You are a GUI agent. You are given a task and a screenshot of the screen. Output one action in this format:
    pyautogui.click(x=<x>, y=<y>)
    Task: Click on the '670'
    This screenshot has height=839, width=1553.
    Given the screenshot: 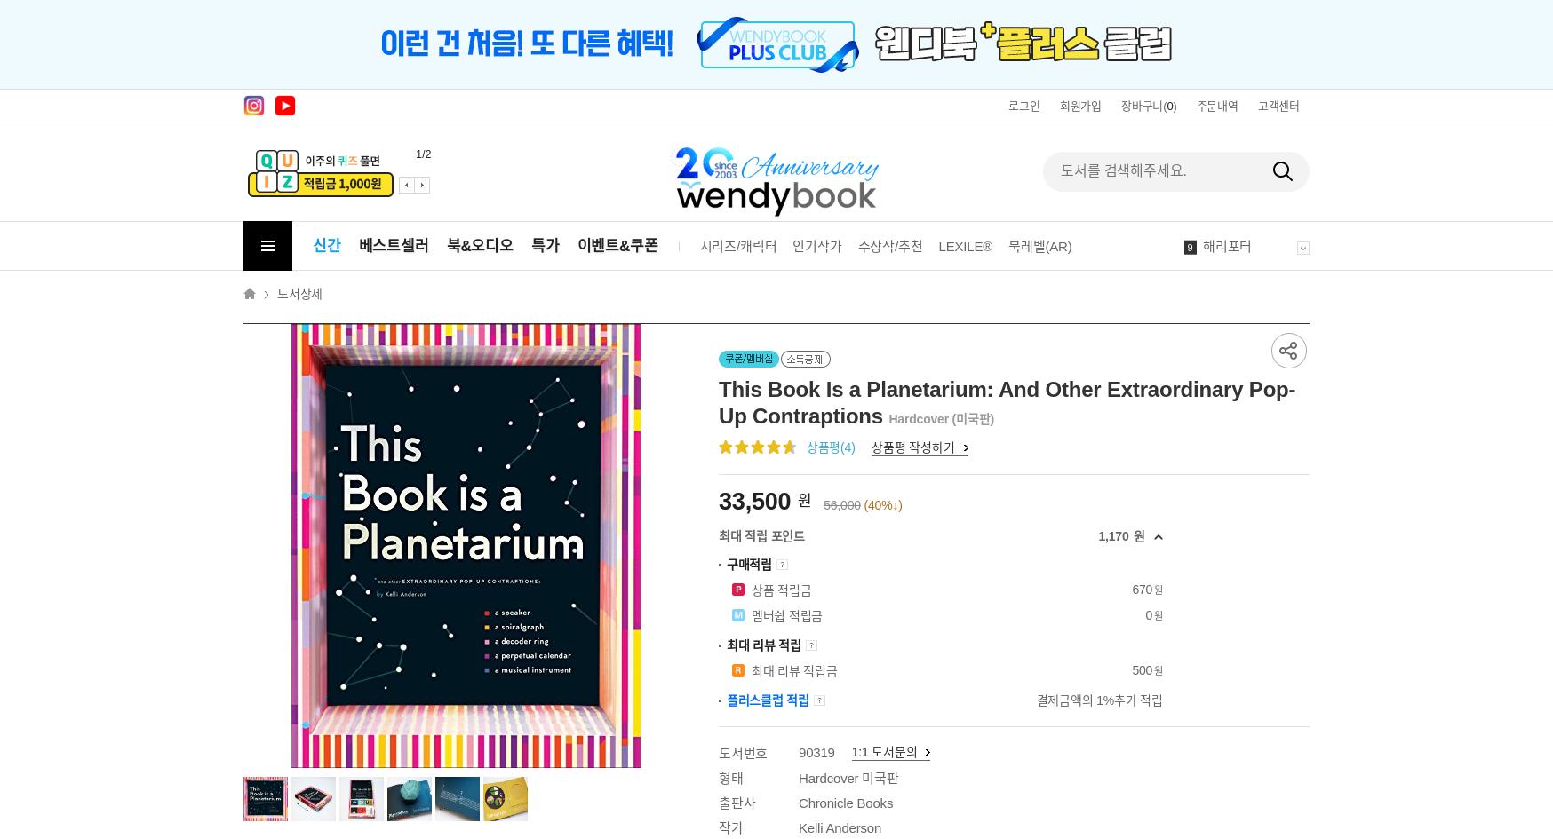 What is the action you would take?
    pyautogui.click(x=1142, y=588)
    